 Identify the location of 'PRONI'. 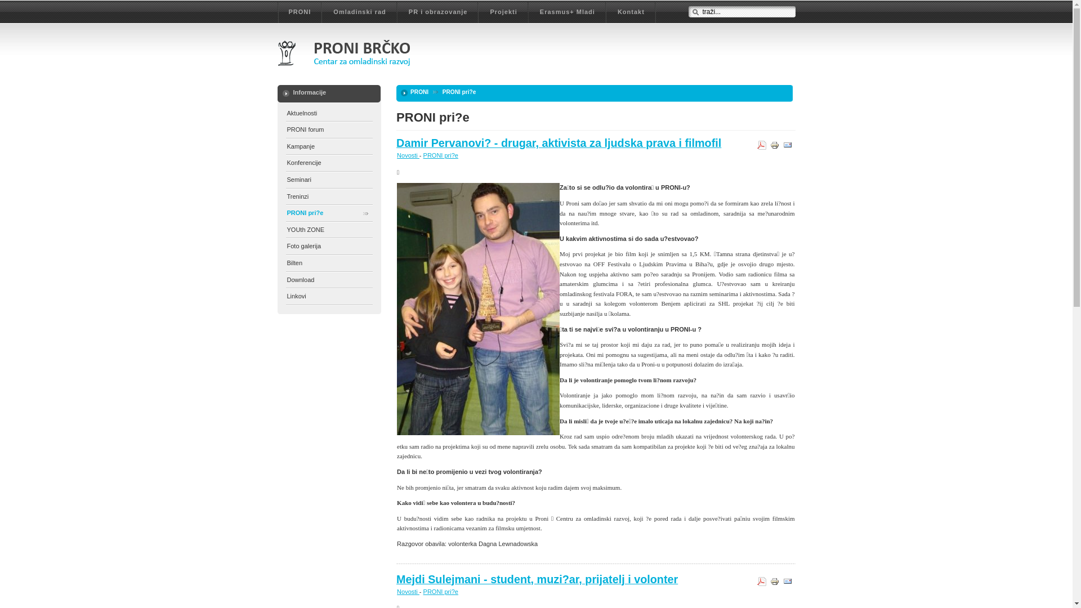
(300, 13).